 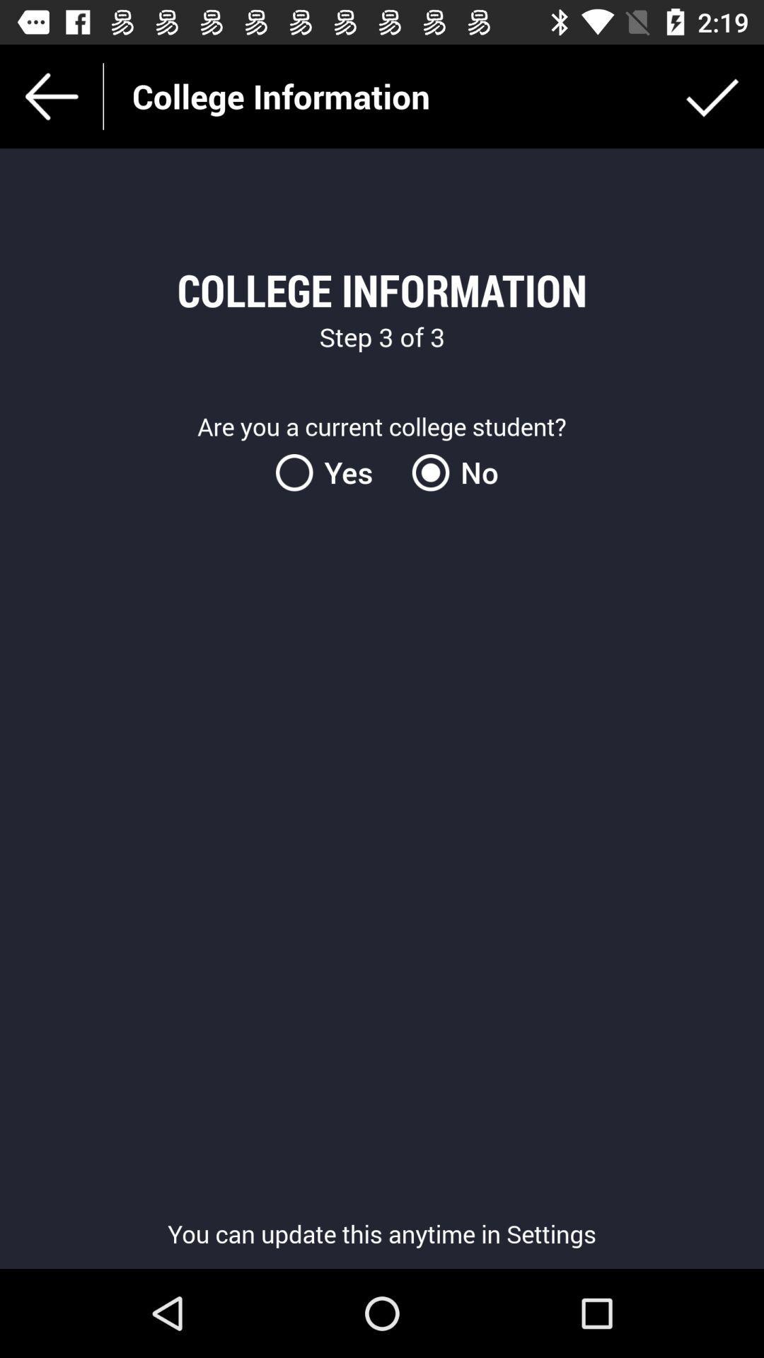 I want to click on the item above you can update, so click(x=450, y=472).